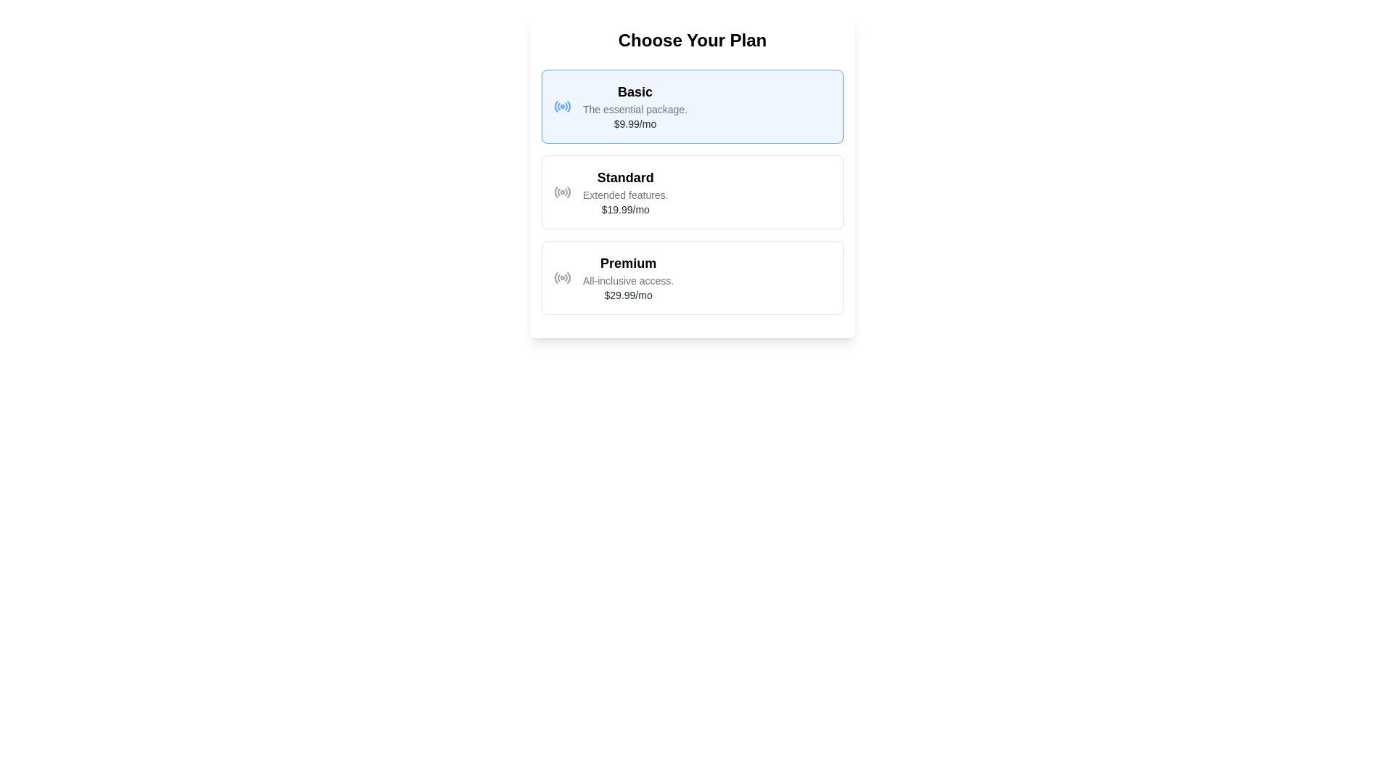 This screenshot has height=784, width=1394. What do you see at coordinates (561, 192) in the screenshot?
I see `the radio button option located within the 'Standard' section under 'Choose Your Plan', which is represented by an SVG graphic with a circular outline and a center dot` at bounding box center [561, 192].